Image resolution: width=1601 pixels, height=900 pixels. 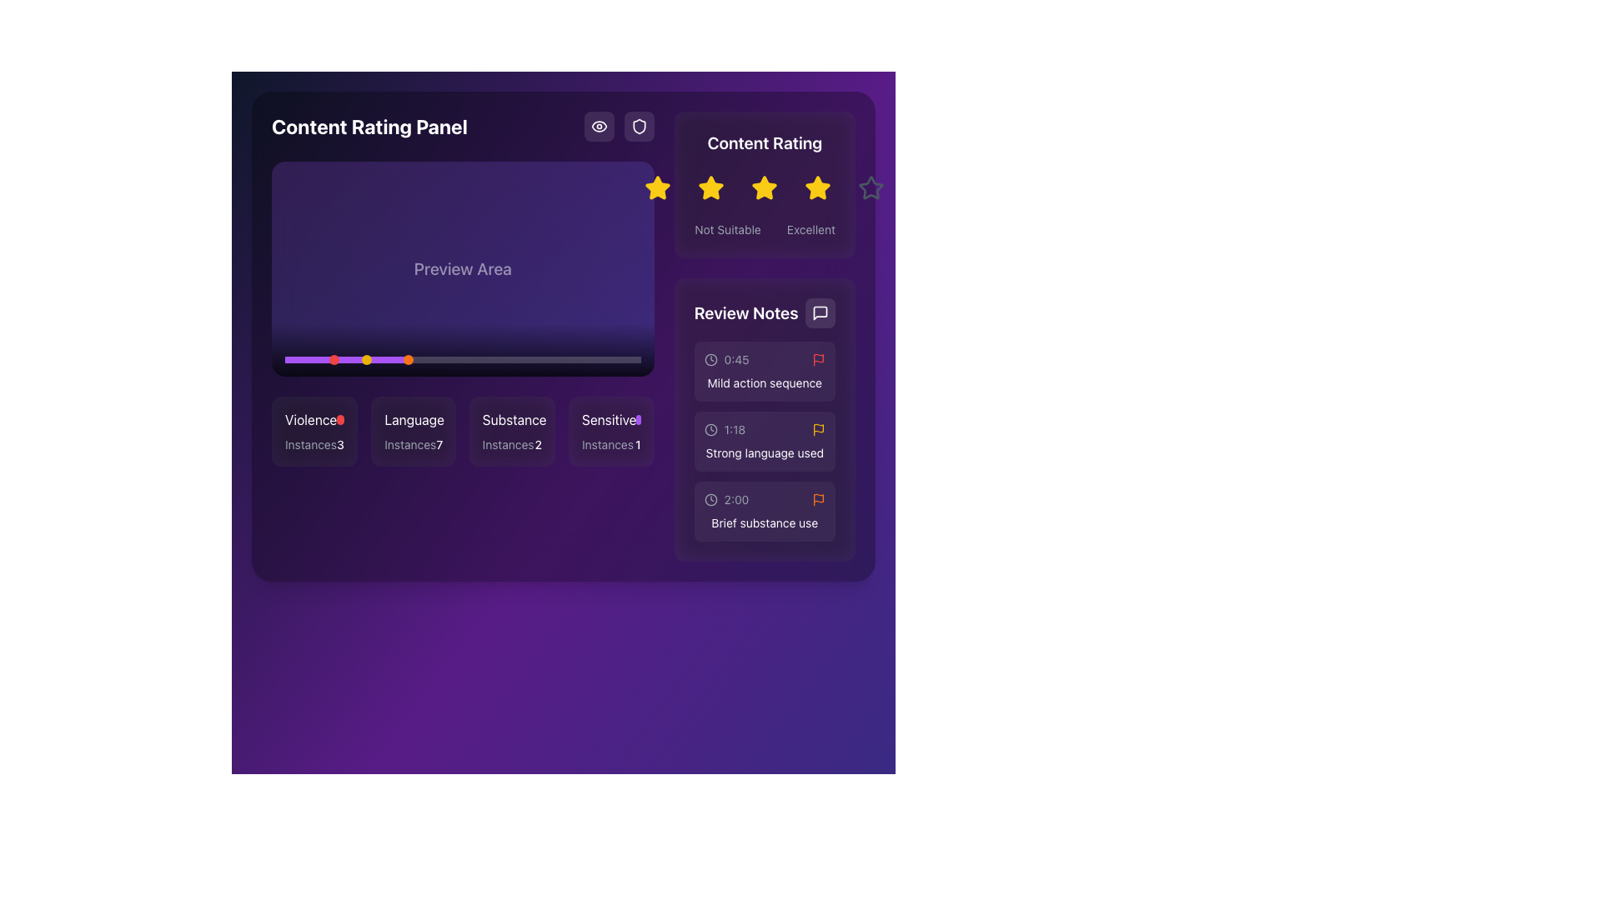 What do you see at coordinates (735, 359) in the screenshot?
I see `timestamp information displayed in the small text label showing '0:45' in gray font, located in the 'Review Notes' section to the left of the note entry labeled 'Mild action sequence'` at bounding box center [735, 359].